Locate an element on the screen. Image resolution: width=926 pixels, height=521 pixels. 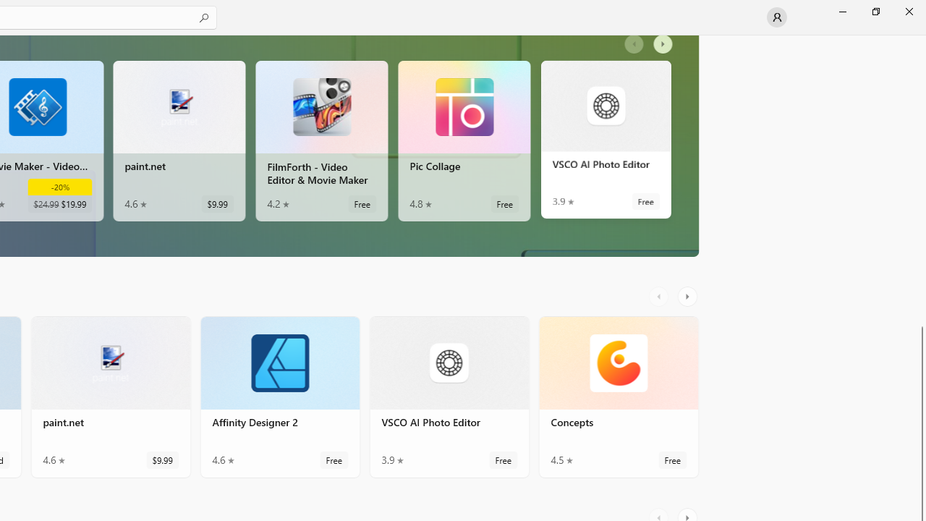
'Vertical Small Decrease' is located at coordinates (919, 39).